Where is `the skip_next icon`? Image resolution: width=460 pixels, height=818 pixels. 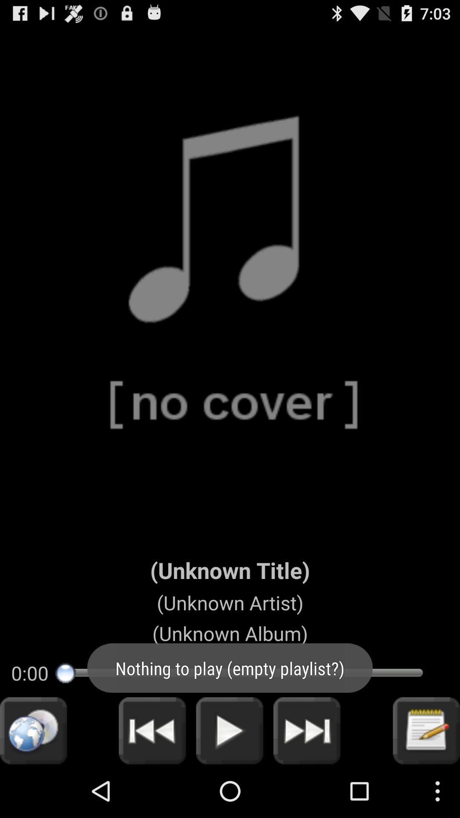 the skip_next icon is located at coordinates (307, 782).